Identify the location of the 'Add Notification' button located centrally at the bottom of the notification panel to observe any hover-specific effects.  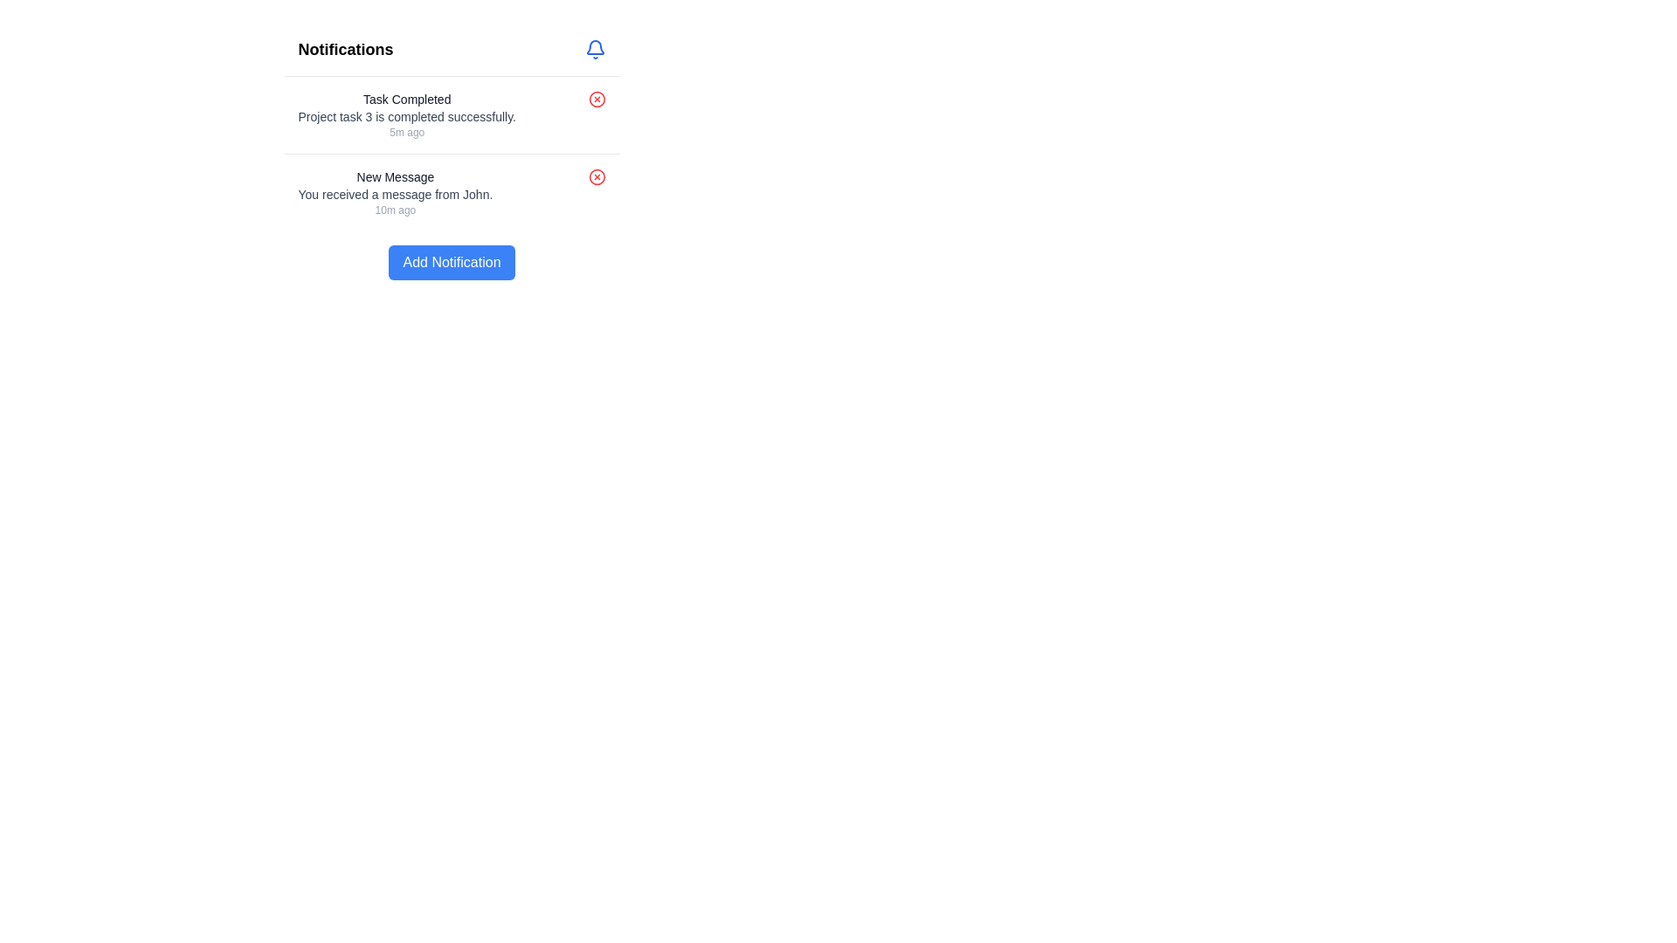
(452, 262).